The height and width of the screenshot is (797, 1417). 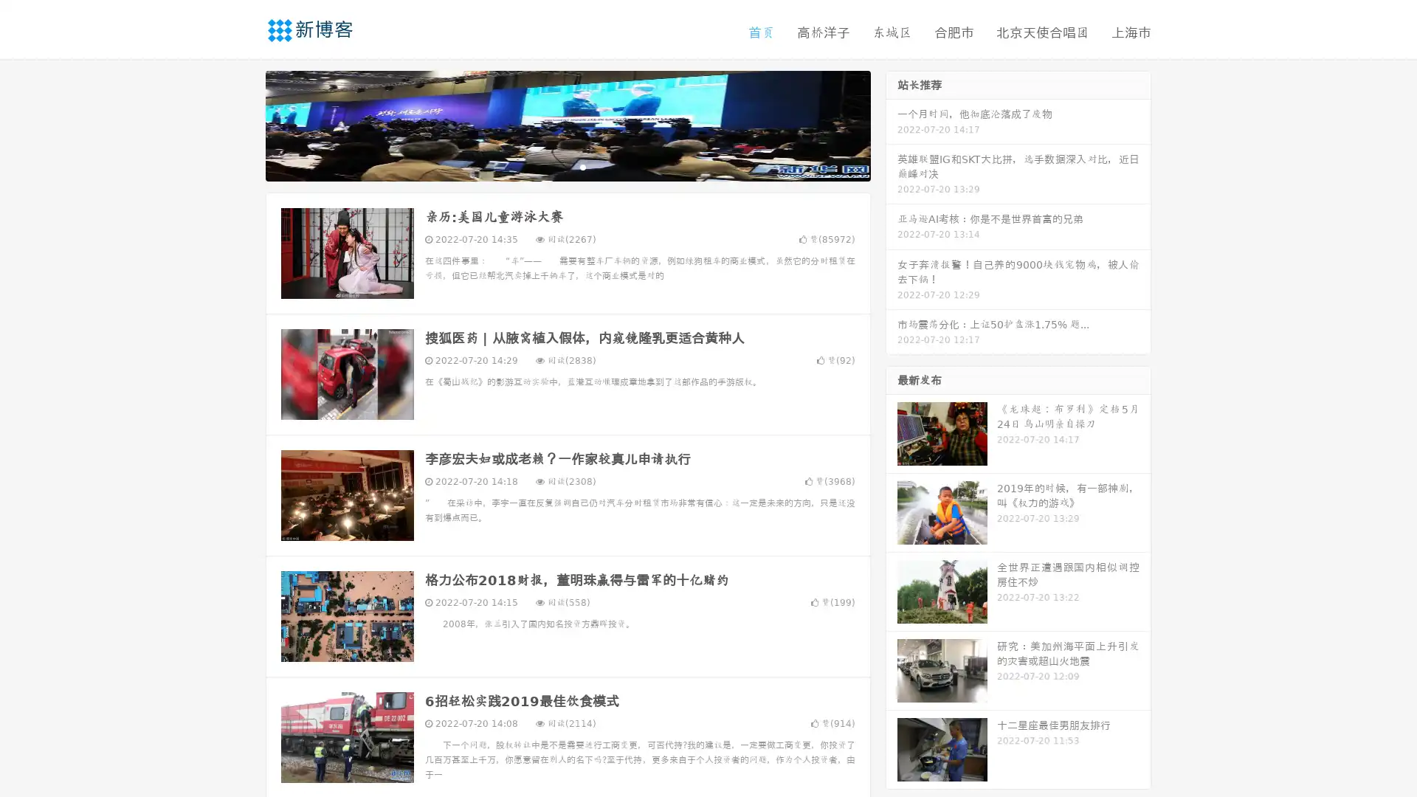 What do you see at coordinates (552, 166) in the screenshot?
I see `Go to slide 1` at bounding box center [552, 166].